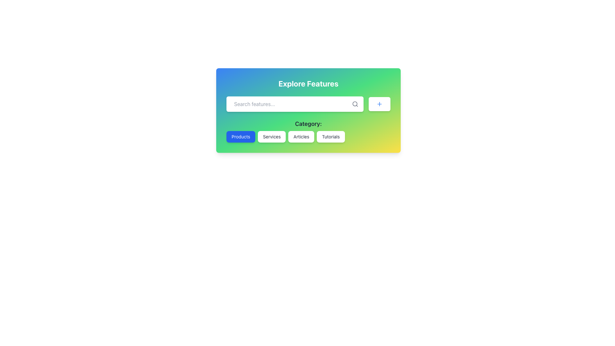 Image resolution: width=615 pixels, height=346 pixels. What do you see at coordinates (308, 83) in the screenshot?
I see `the non-interactive Text Header at the top of the rectangular card that labels the content and features below it` at bounding box center [308, 83].